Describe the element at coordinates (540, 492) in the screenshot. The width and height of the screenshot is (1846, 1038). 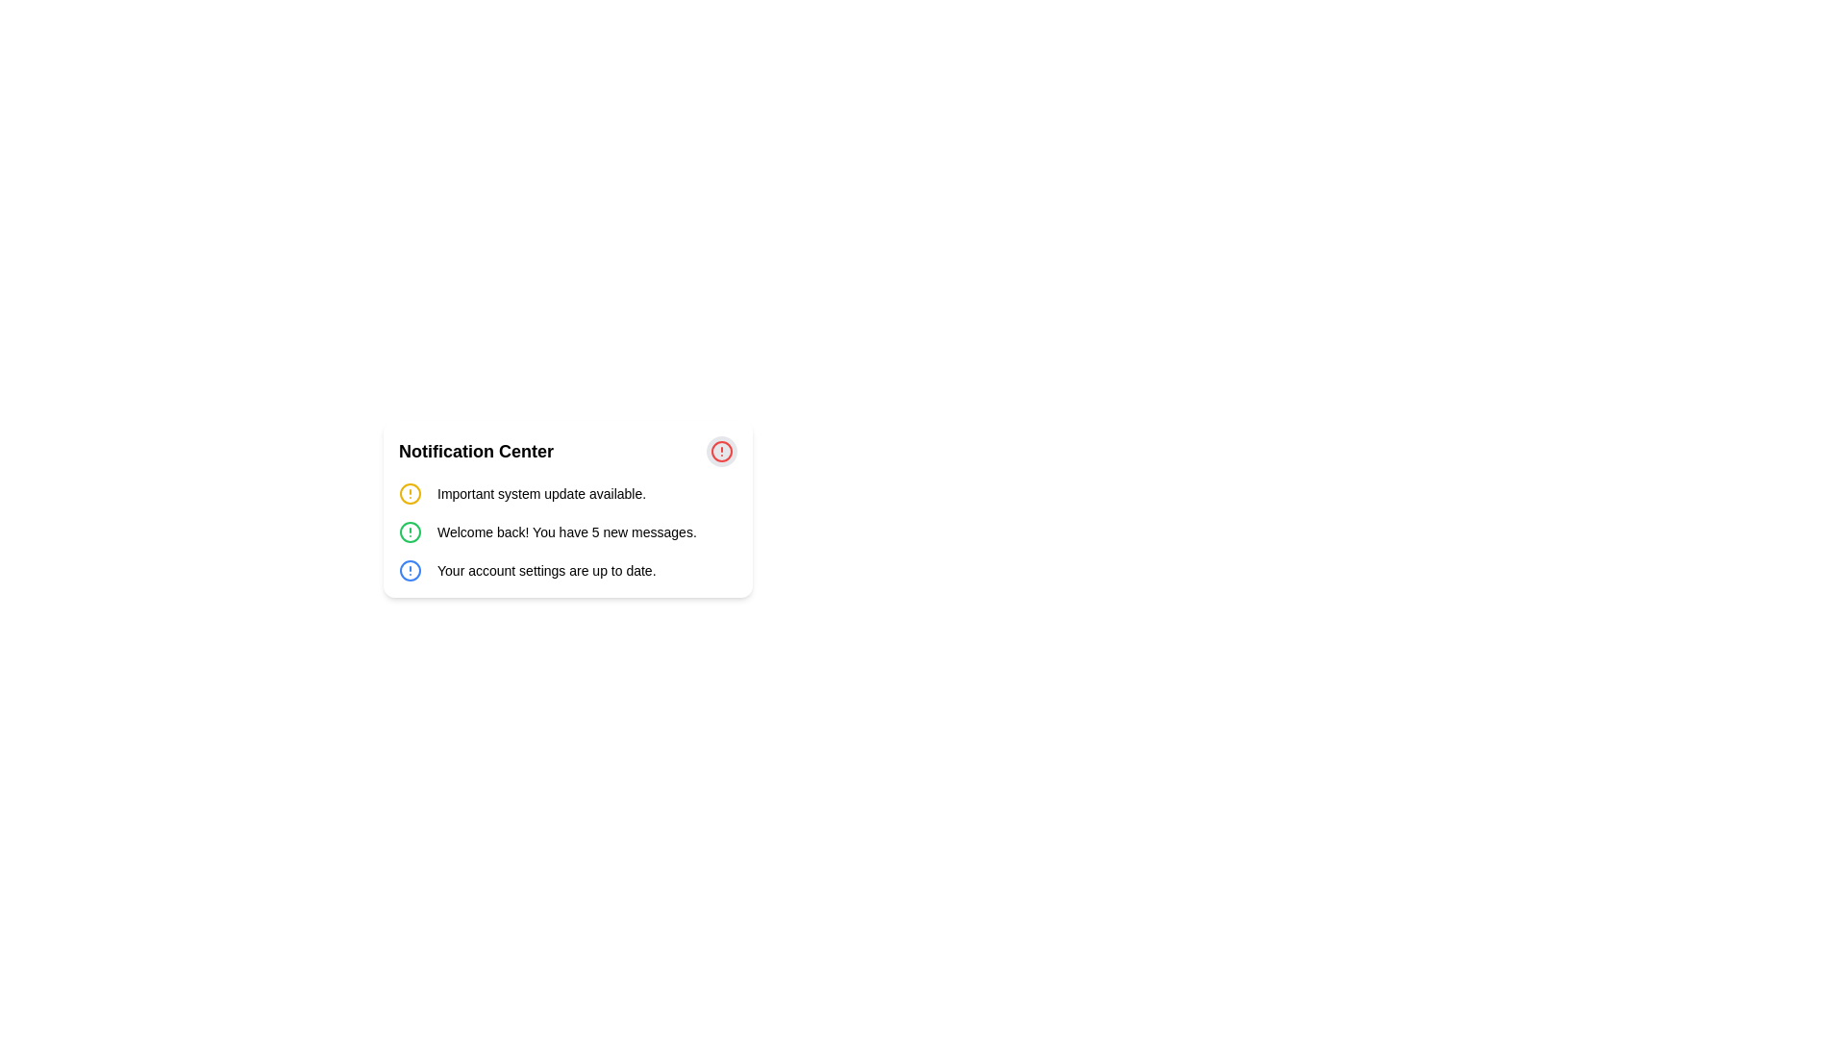
I see `the static text segment that says 'Important system update available.' which follows the yellow warning icon in the Notification Center` at that location.